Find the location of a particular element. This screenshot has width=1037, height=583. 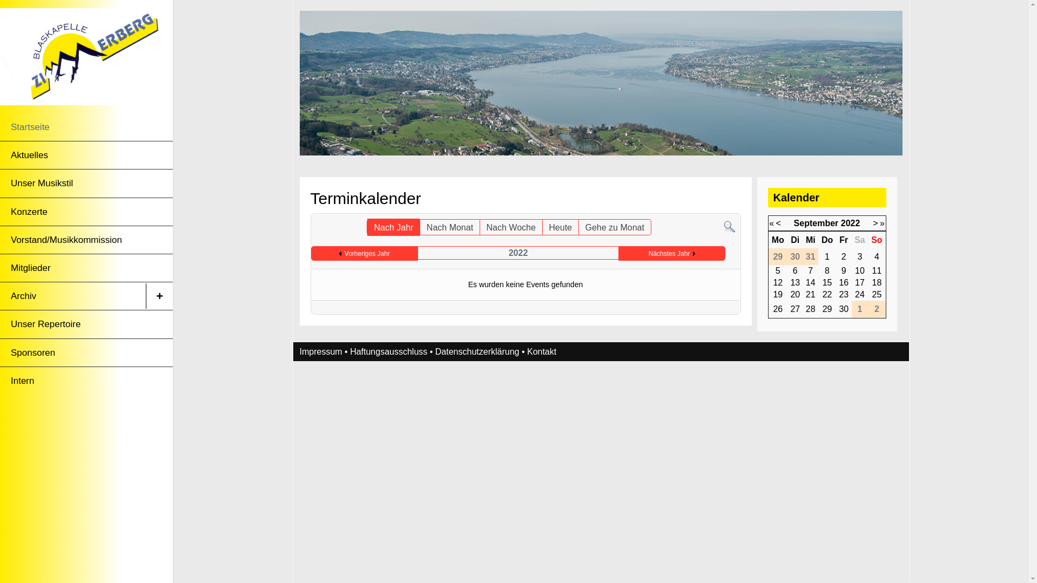

'15' is located at coordinates (826, 282).